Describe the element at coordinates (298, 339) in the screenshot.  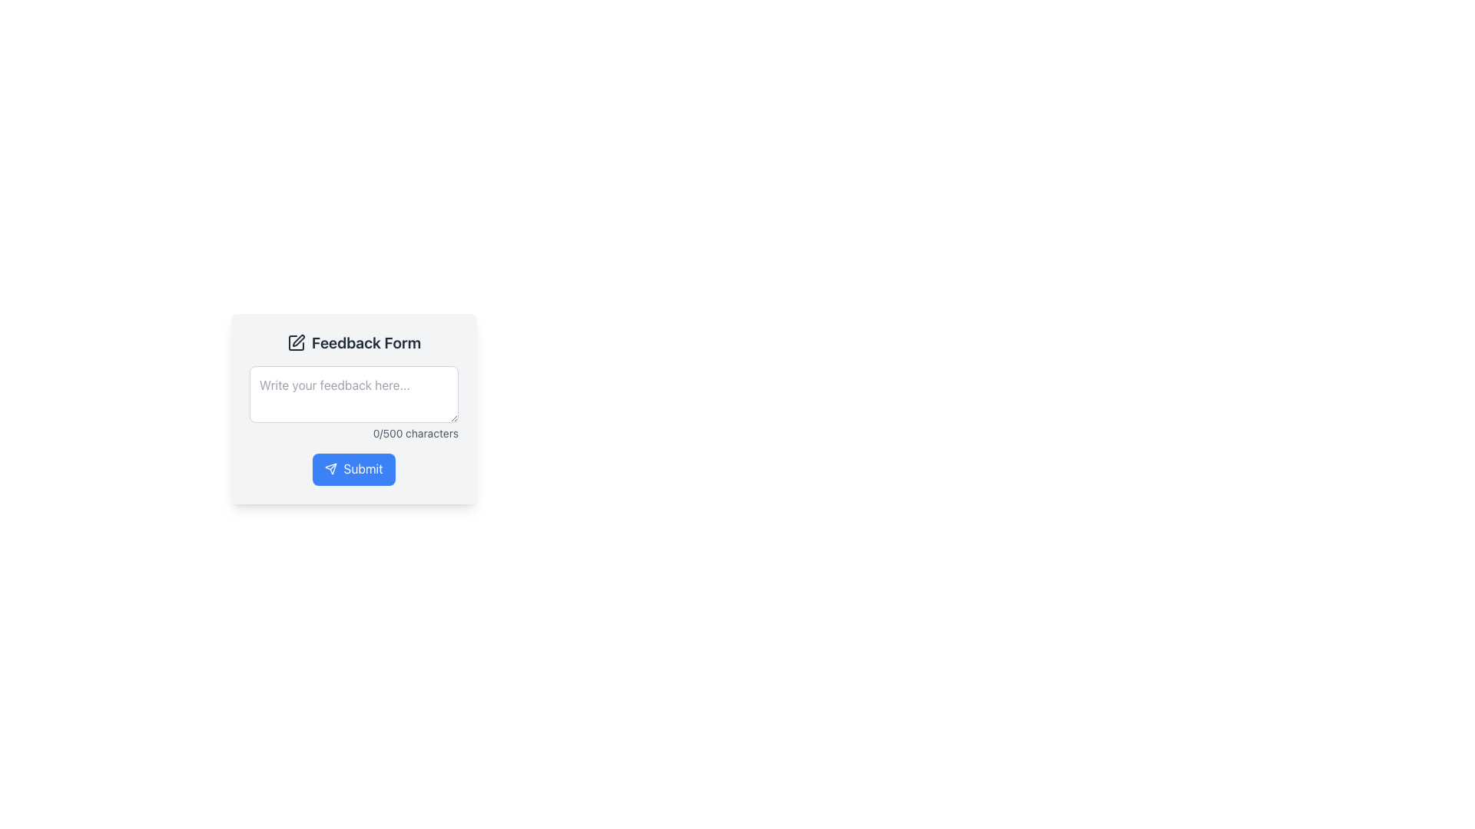
I see `the pen icon representing the edit action, which is located next to the 'Feedback Form' title in the header section of the form` at that location.